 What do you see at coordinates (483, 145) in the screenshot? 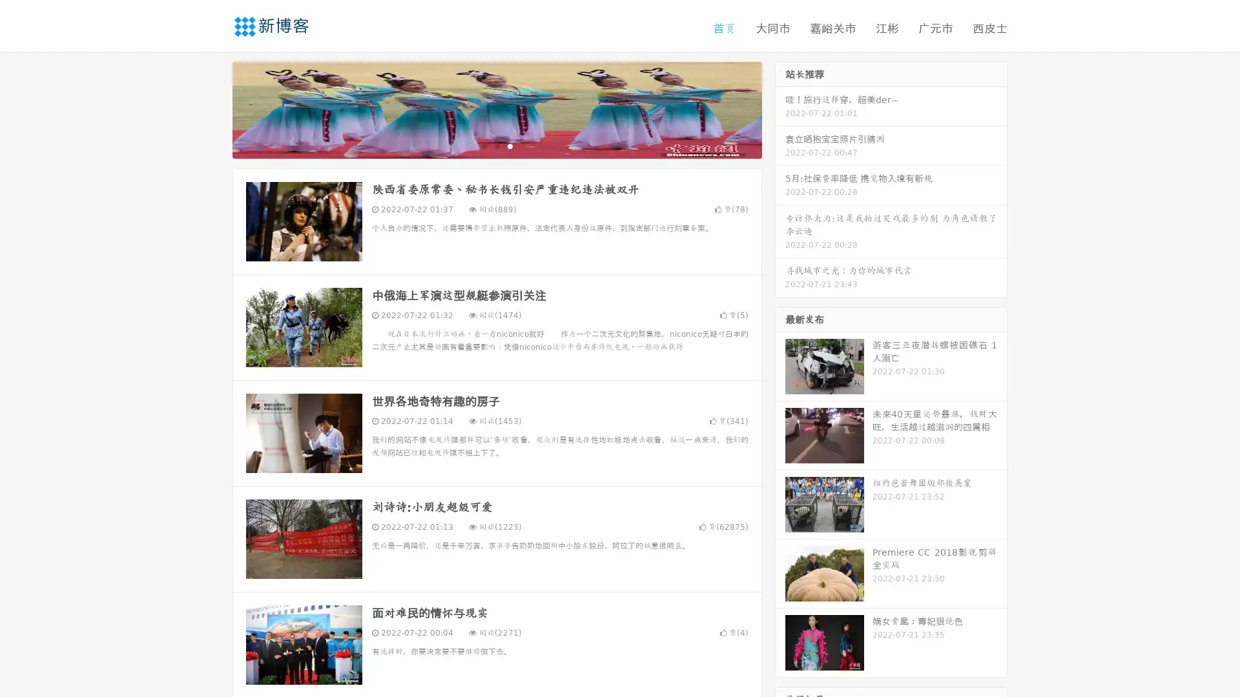
I see `Go to slide 1` at bounding box center [483, 145].